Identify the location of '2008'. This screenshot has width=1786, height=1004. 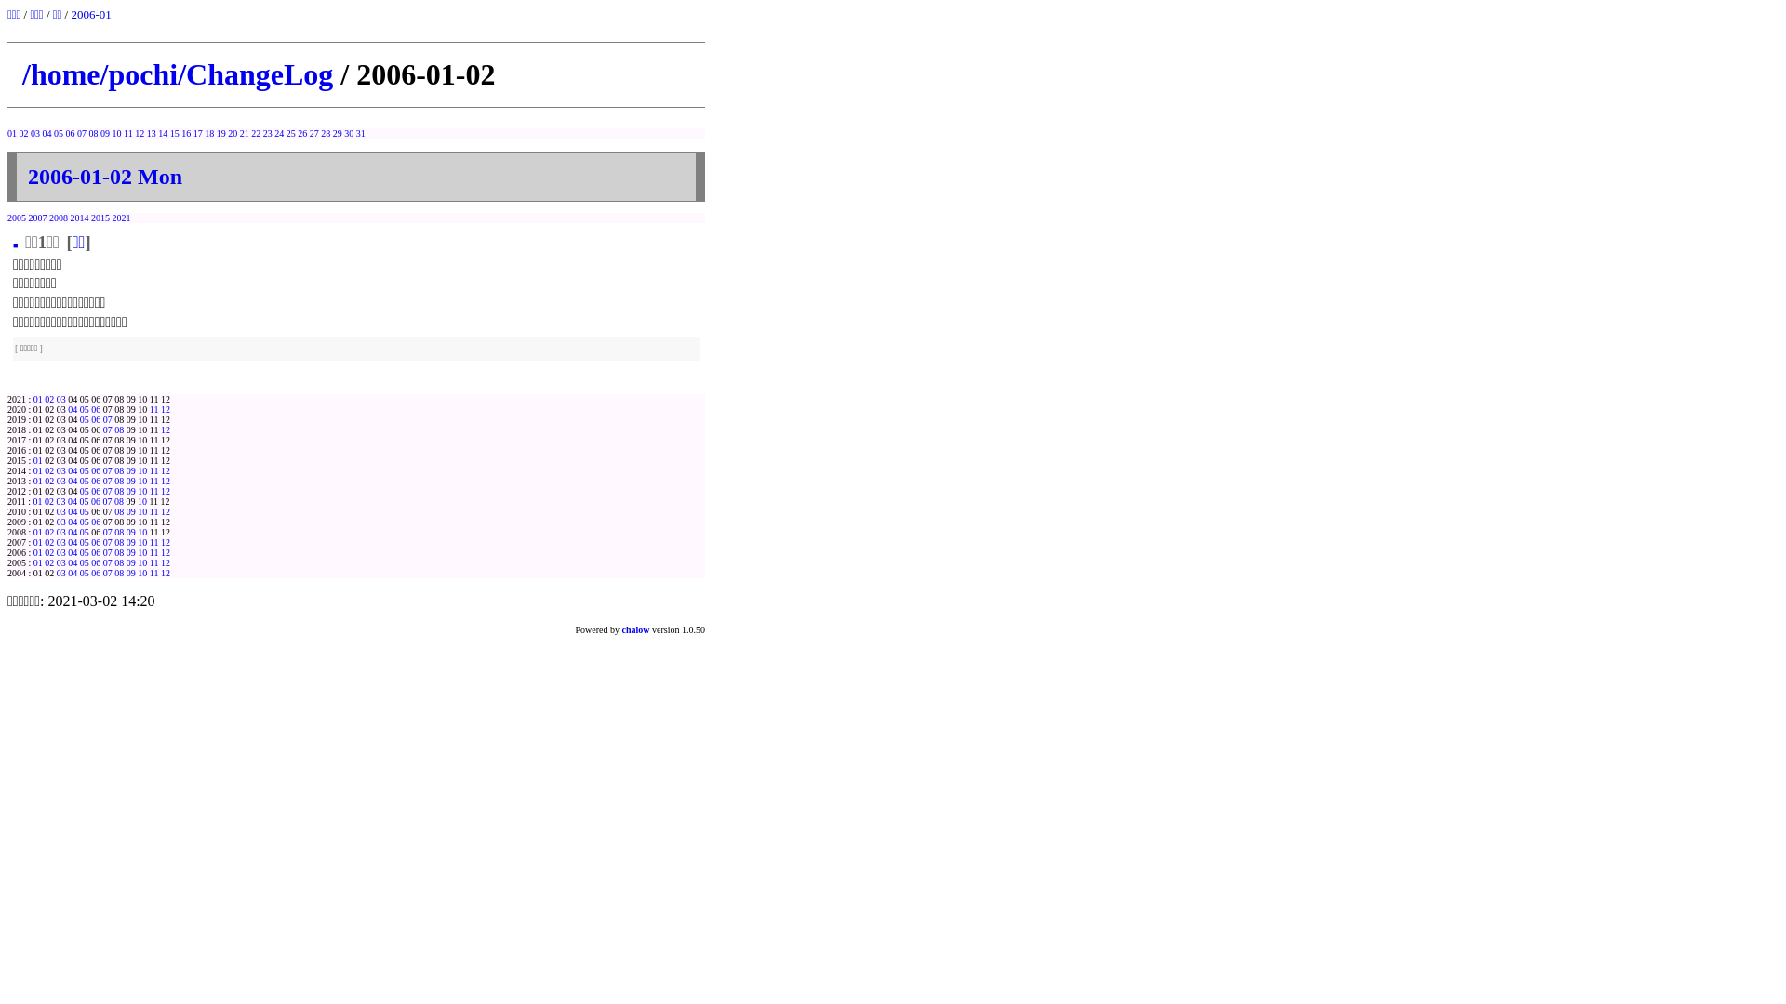
(48, 217).